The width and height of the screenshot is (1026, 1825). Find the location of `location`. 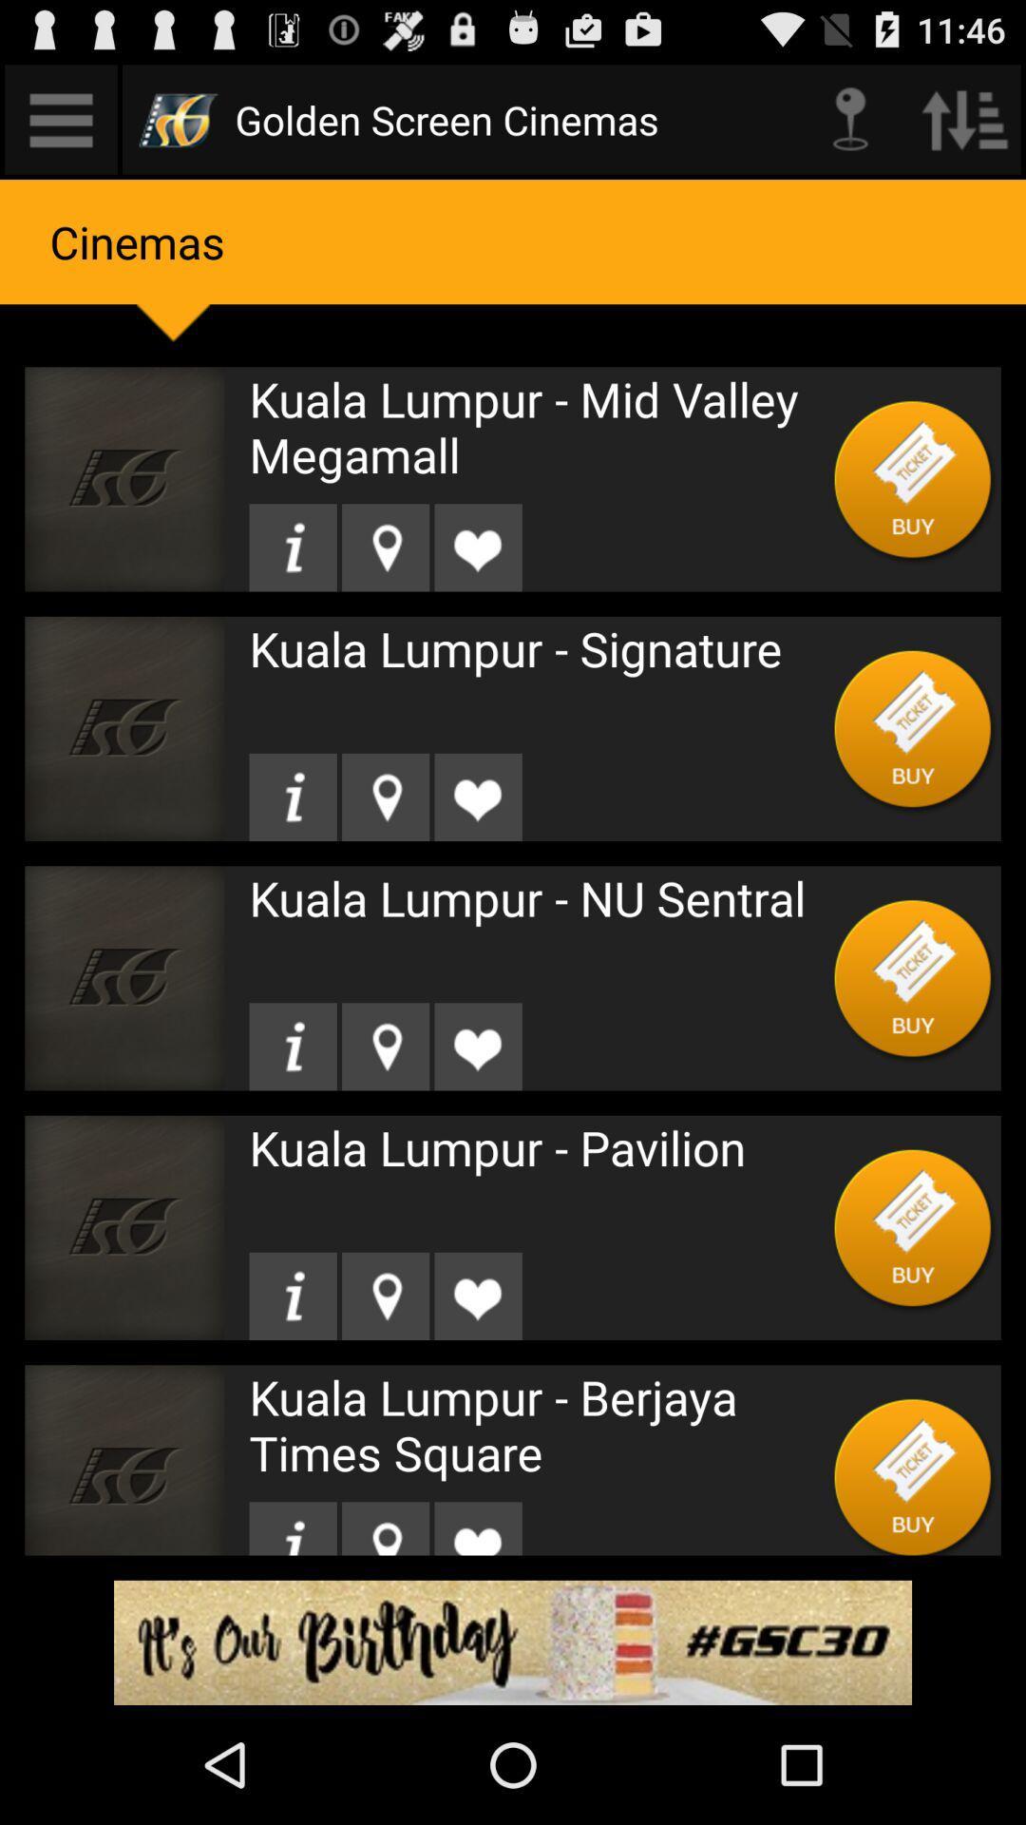

location is located at coordinates (385, 1528).